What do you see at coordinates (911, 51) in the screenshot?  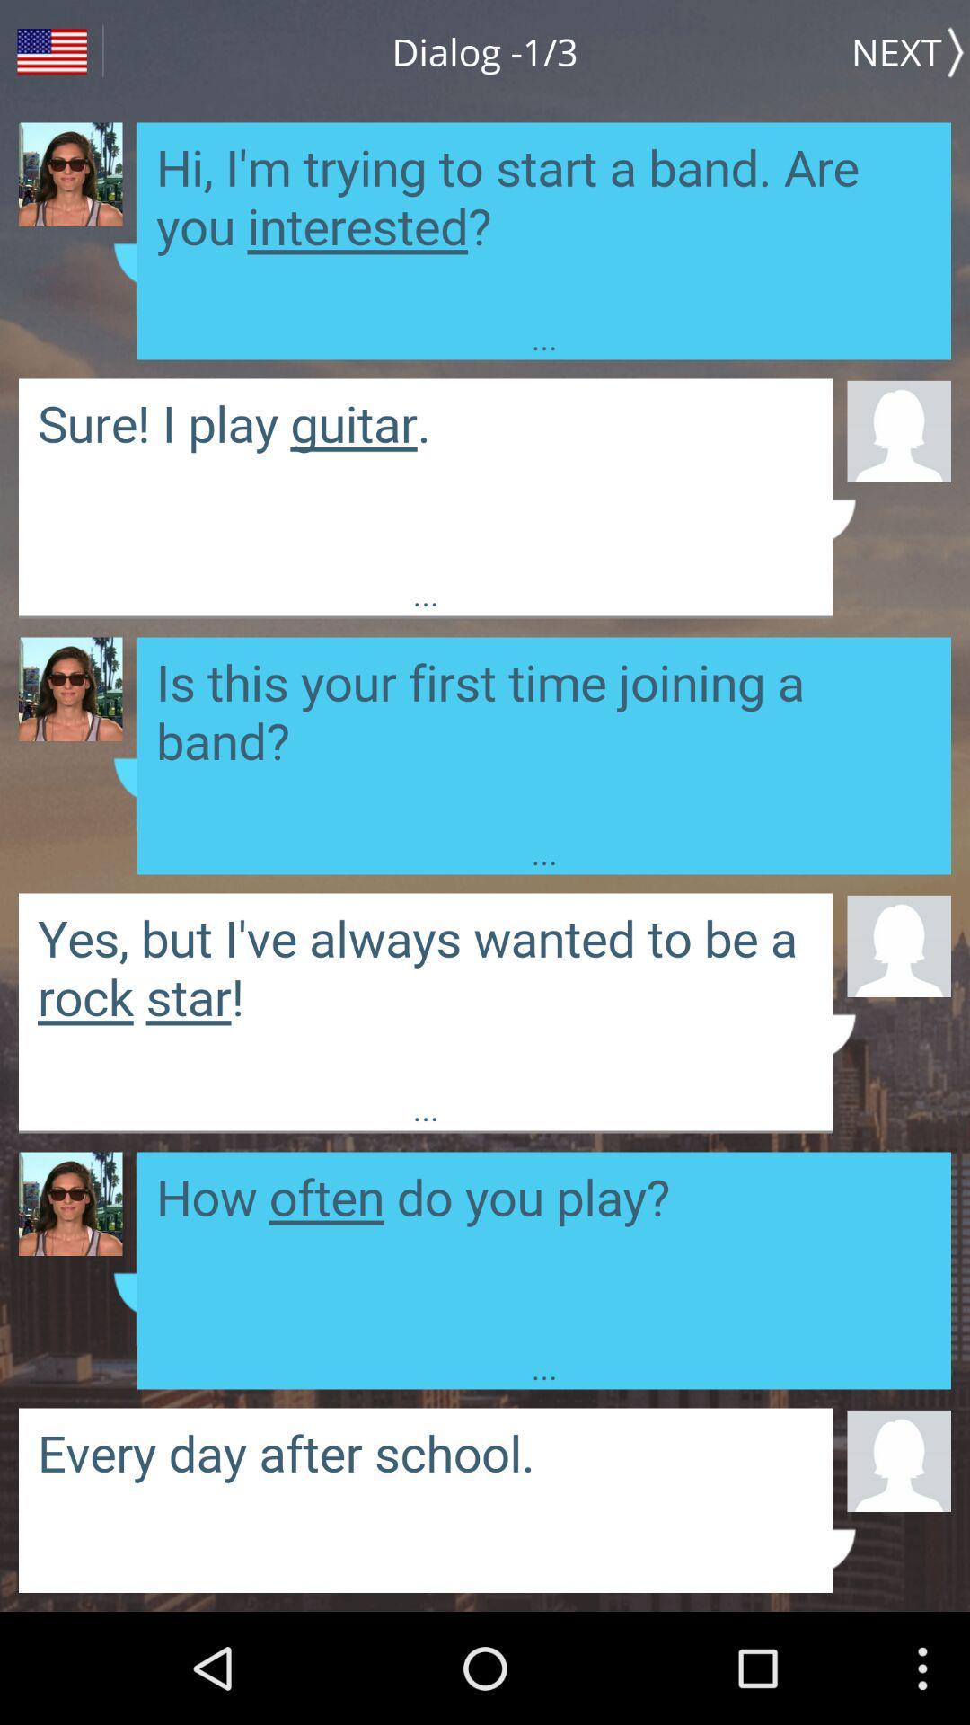 I see `icon next to the dialog -1/3` at bounding box center [911, 51].